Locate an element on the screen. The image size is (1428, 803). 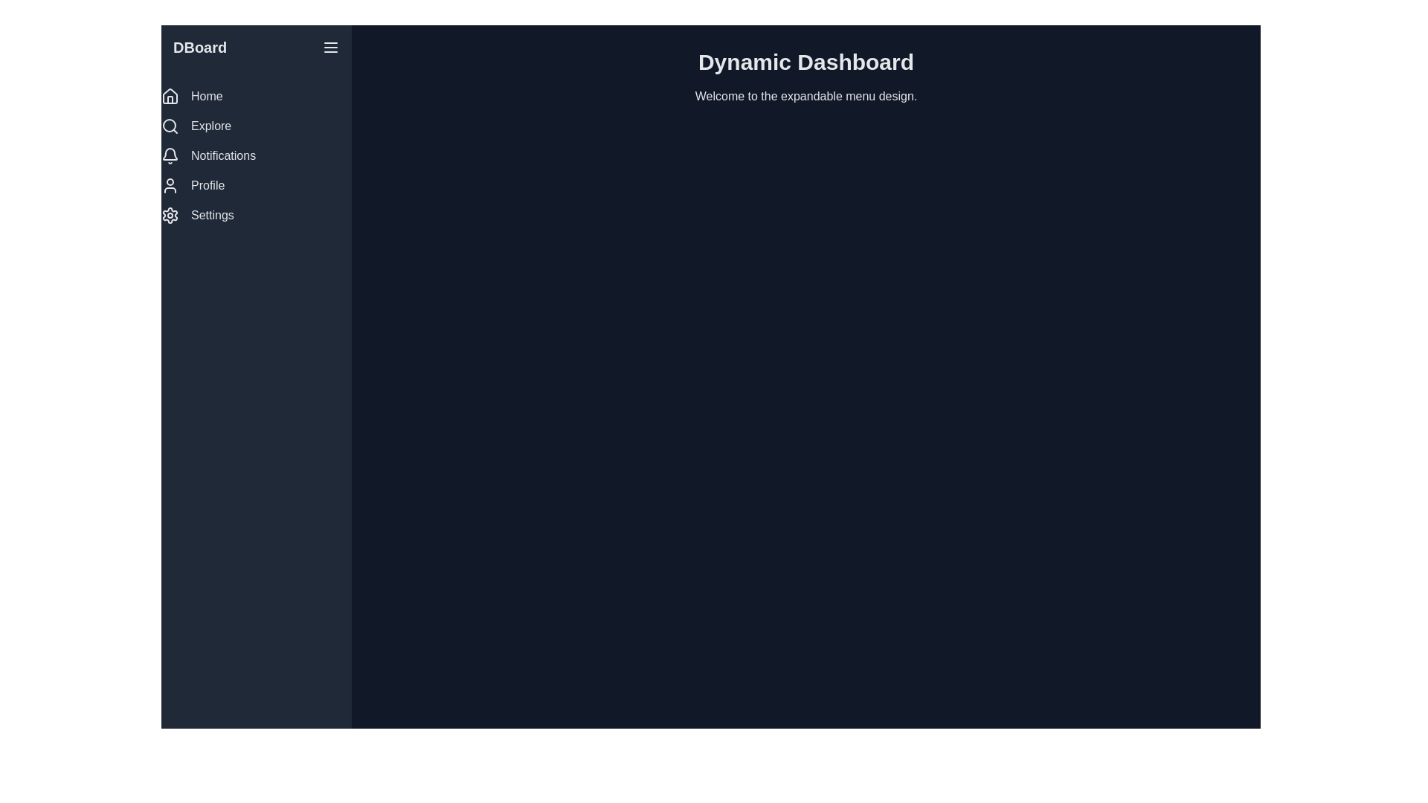
the 'Explore' text label in the vertical navigation menu, which is positioned second from the top and aligns to the left with a dark blue background is located at coordinates (210, 125).